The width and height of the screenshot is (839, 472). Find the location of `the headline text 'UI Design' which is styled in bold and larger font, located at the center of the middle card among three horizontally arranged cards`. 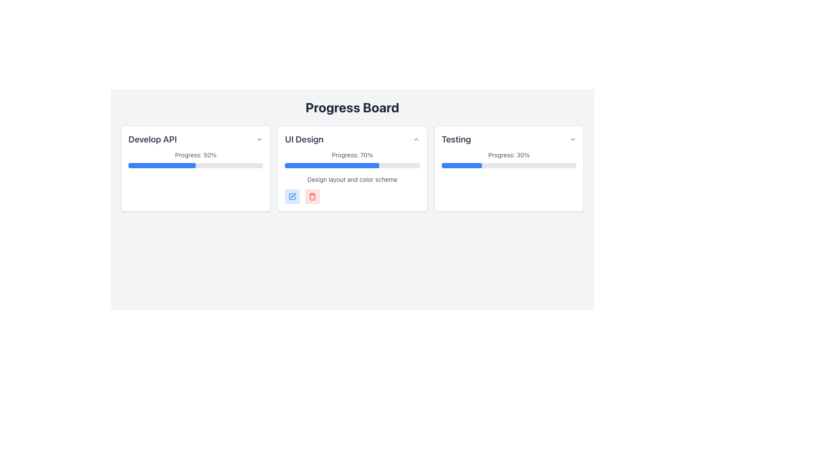

the headline text 'UI Design' which is styled in bold and larger font, located at the center of the middle card among three horizontally arranged cards is located at coordinates (304, 139).